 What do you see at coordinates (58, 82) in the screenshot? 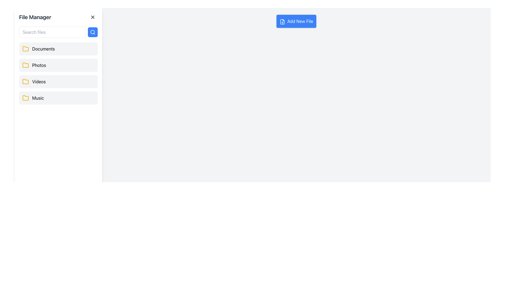
I see `the 'Videos' folder entry button in the sidebar` at bounding box center [58, 82].